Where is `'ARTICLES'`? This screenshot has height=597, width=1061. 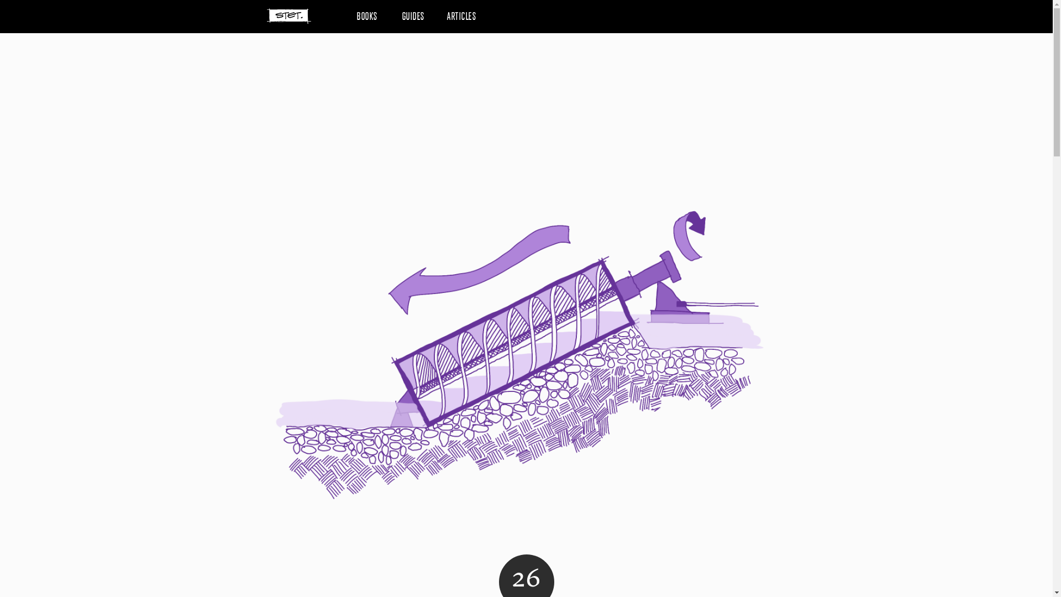 'ARTICLES' is located at coordinates (461, 15).